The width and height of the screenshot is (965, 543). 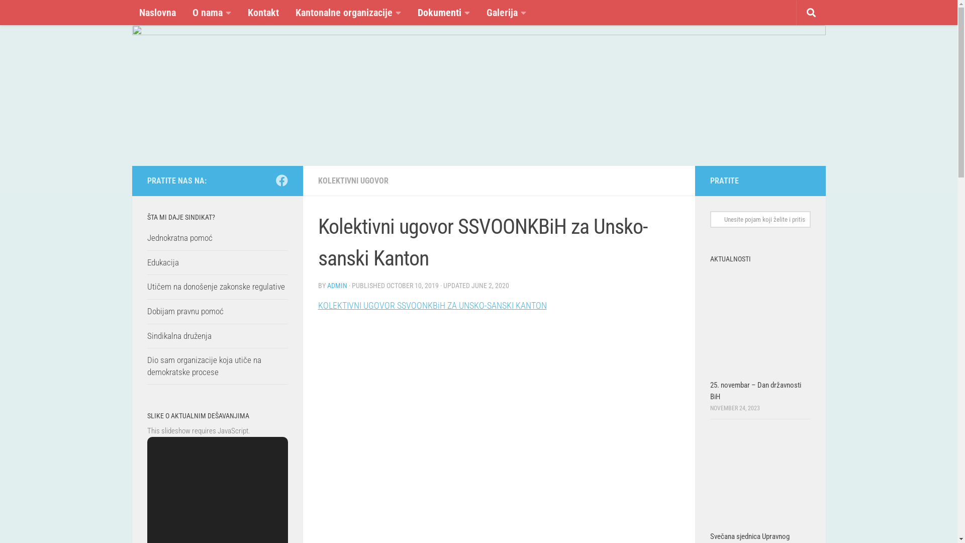 I want to click on 'KOLEKTIVNI UGOVOR', so click(x=352, y=180).